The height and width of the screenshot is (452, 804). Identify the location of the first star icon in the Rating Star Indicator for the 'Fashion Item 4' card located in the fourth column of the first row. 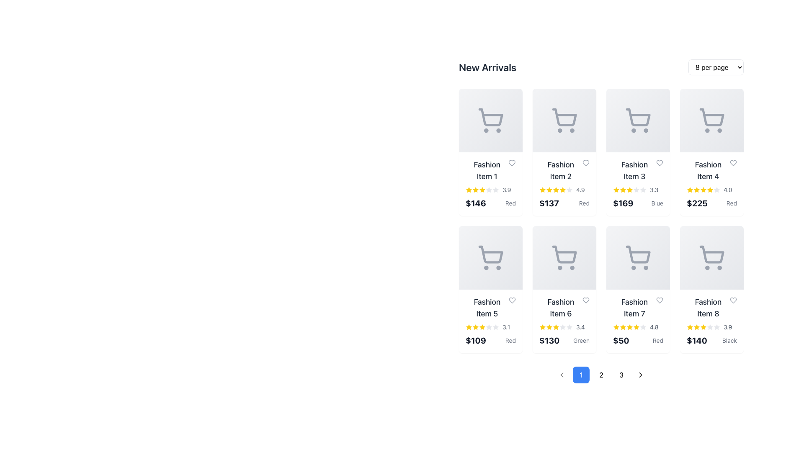
(690, 190).